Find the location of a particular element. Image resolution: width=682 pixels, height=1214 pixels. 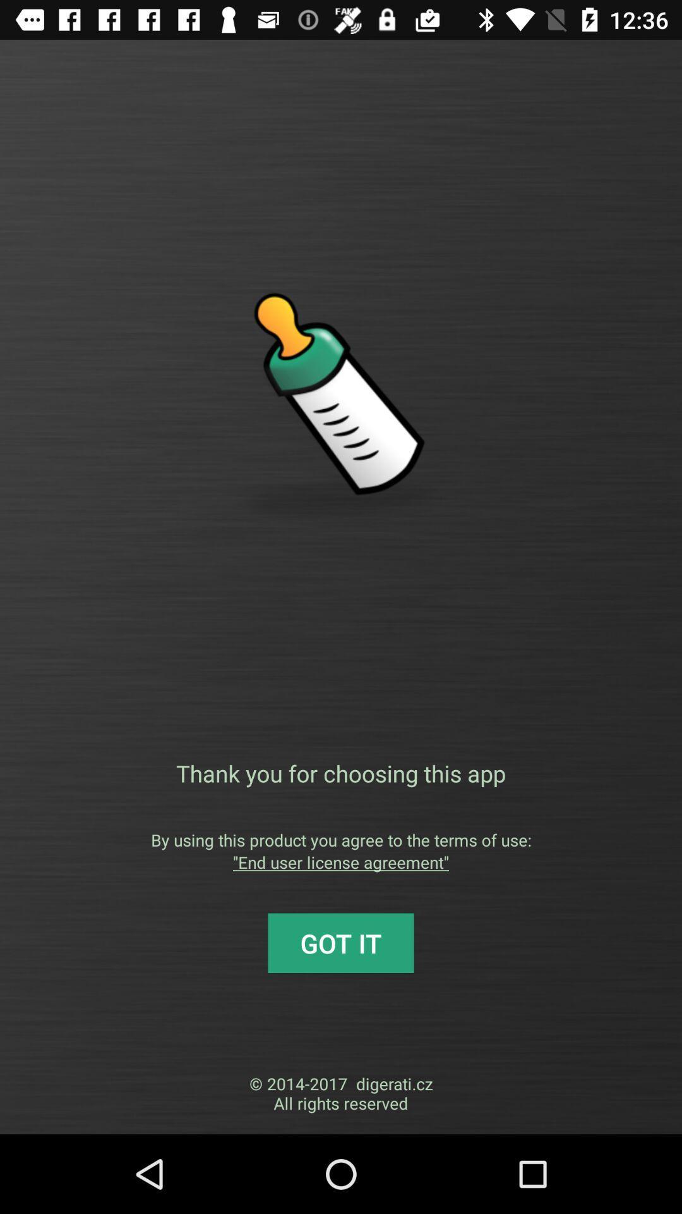

the got it icon is located at coordinates (341, 943).